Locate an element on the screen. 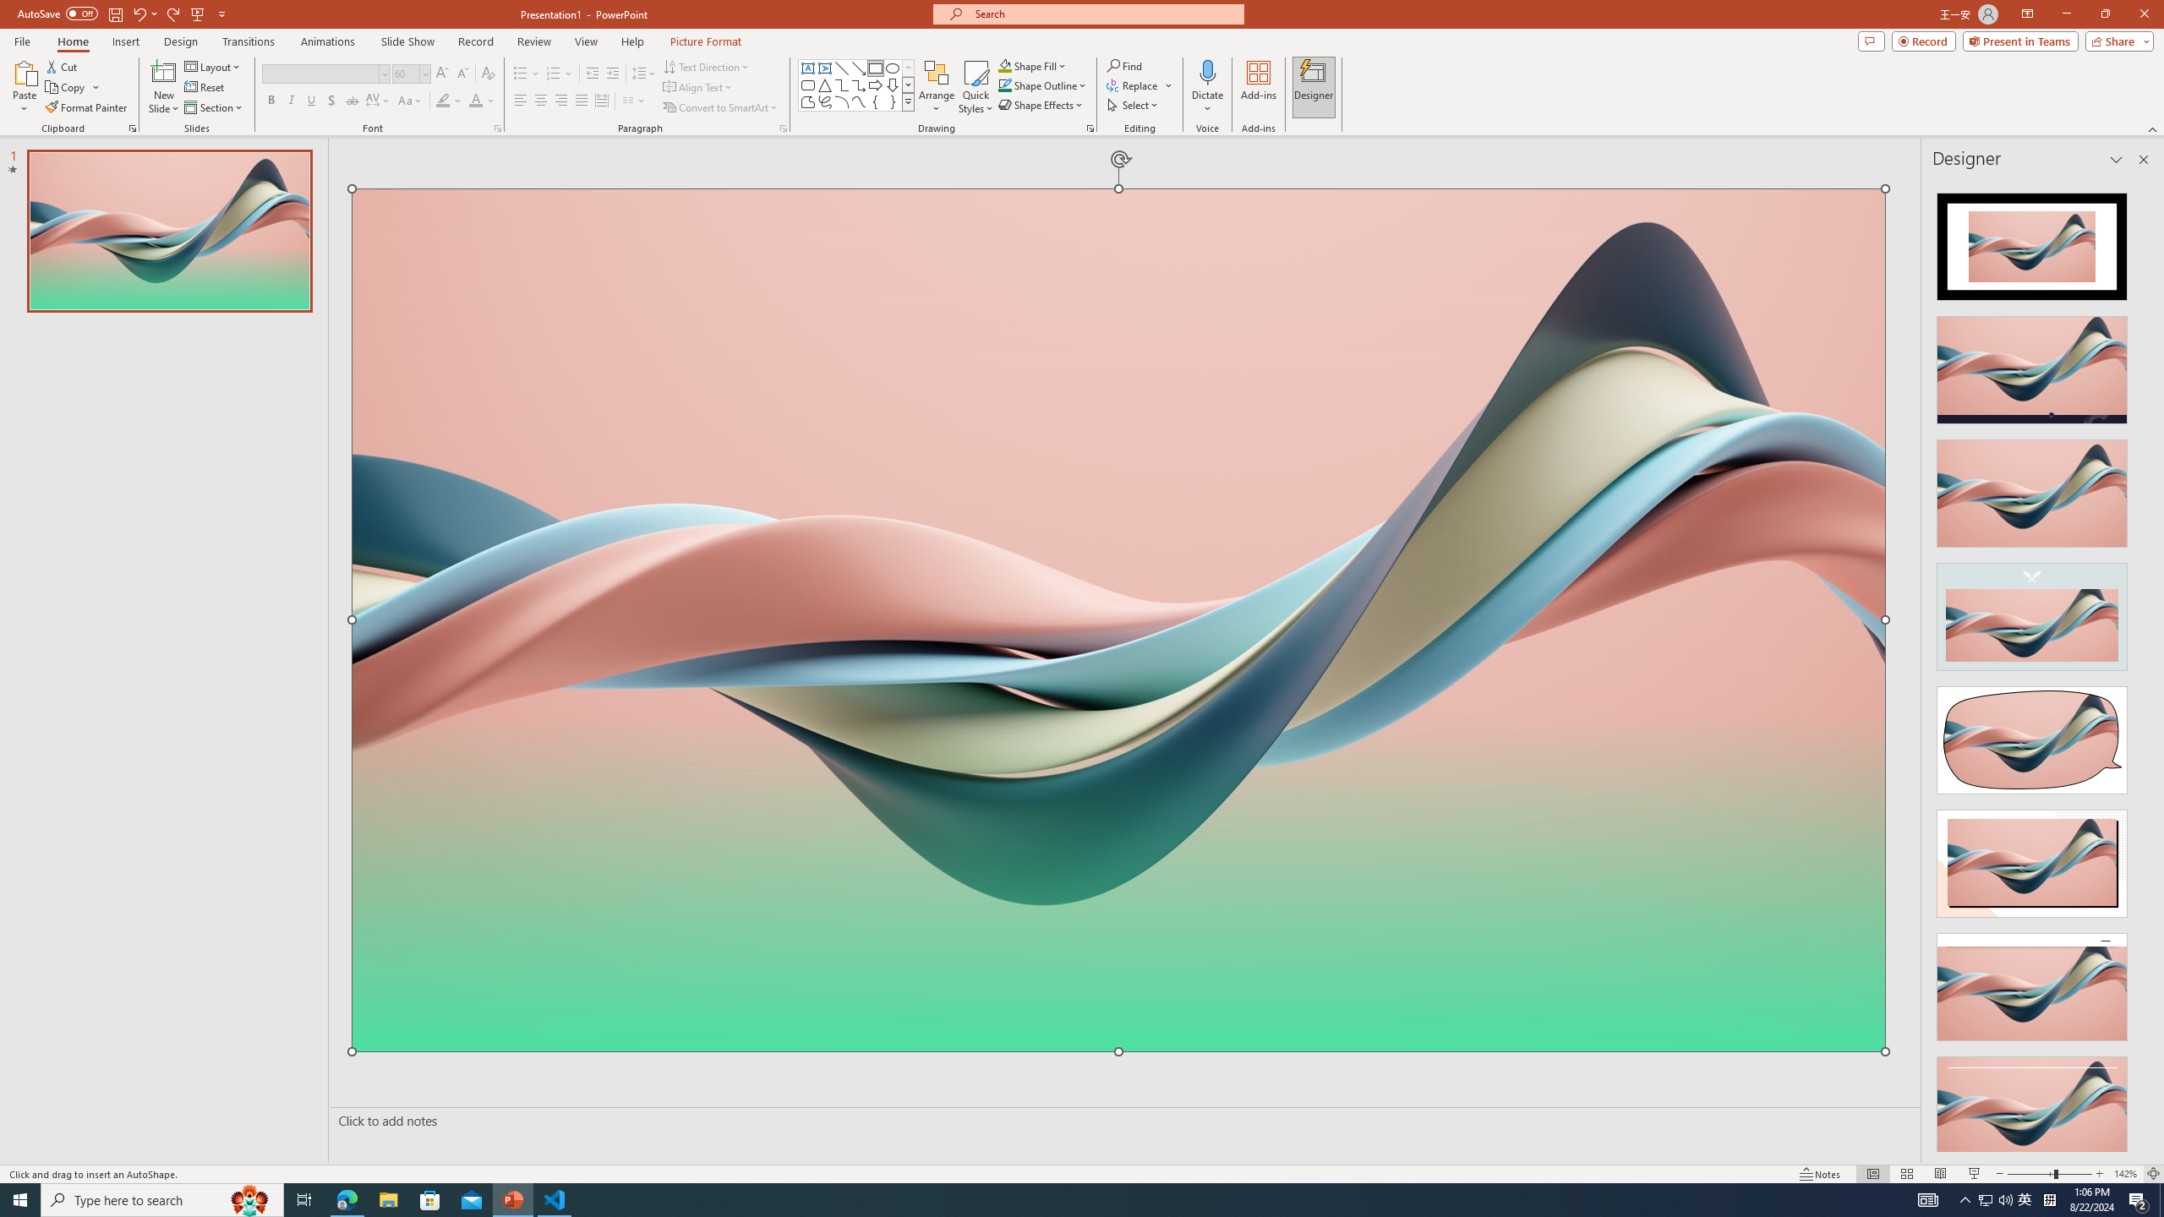 This screenshot has height=1217, width=2164. 'Picture Format' is located at coordinates (706, 41).